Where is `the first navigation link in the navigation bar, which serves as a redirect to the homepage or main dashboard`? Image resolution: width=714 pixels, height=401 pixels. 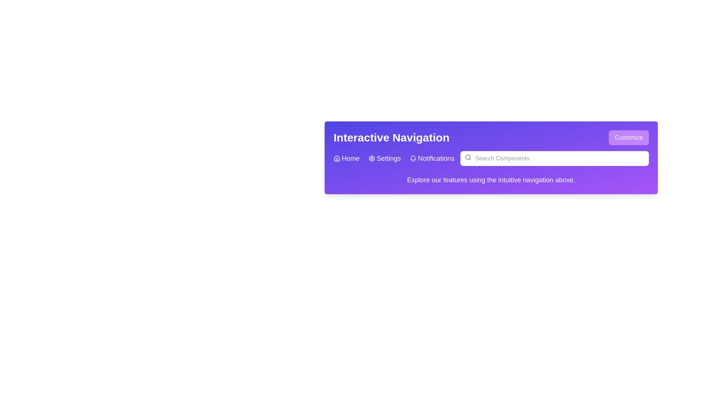
the first navigation link in the navigation bar, which serves as a redirect to the homepage or main dashboard is located at coordinates (346, 158).